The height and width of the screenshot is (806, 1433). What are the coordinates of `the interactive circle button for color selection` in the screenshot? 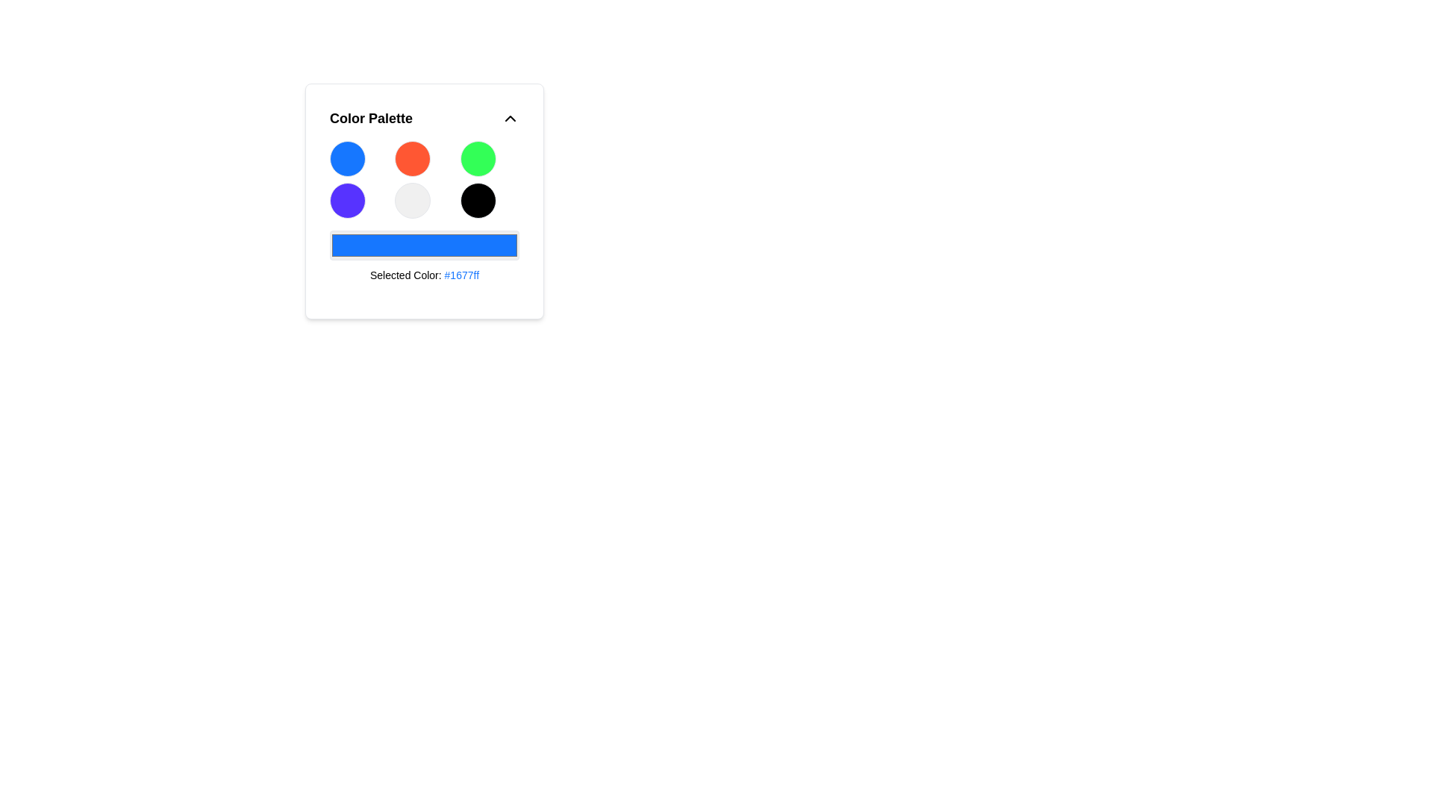 It's located at (424, 201).